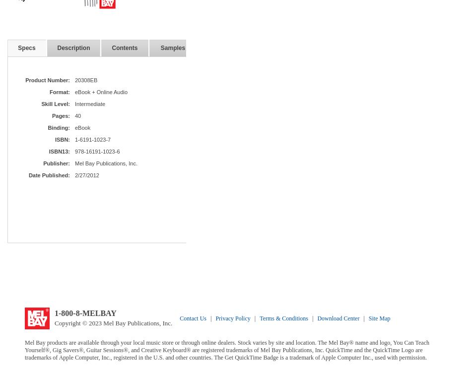  Describe the element at coordinates (56, 163) in the screenshot. I see `'Publisher:'` at that location.